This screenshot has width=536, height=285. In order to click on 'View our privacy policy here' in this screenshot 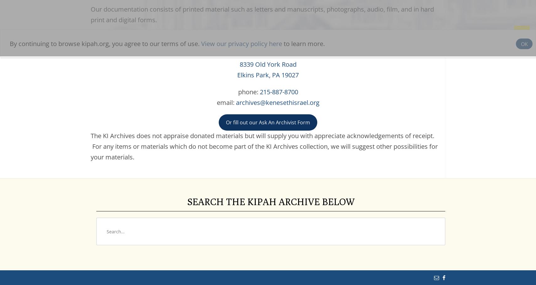, I will do `click(241, 42)`.